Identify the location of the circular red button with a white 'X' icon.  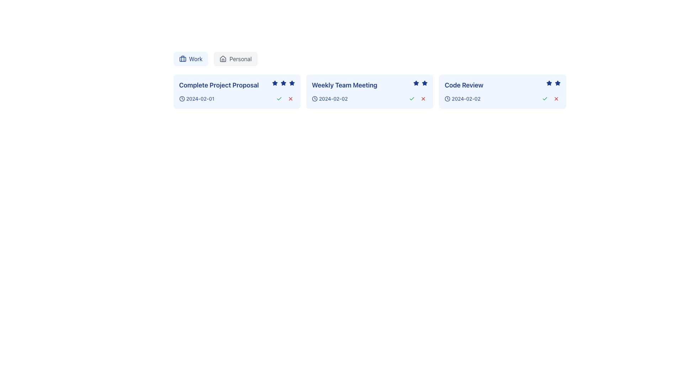
(290, 98).